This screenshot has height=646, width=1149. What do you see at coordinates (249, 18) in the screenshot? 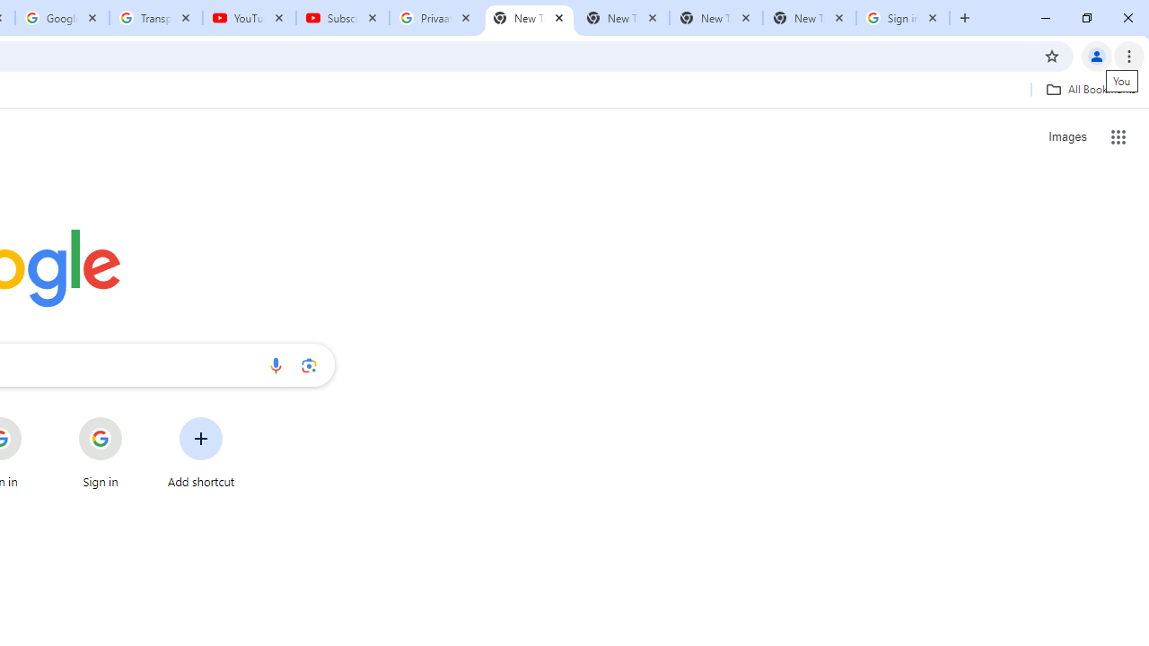
I see `'YouTube'` at bounding box center [249, 18].